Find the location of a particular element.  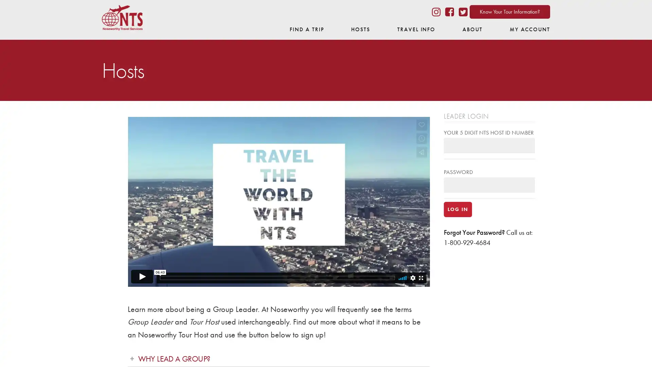

LOG IN is located at coordinates (458, 209).